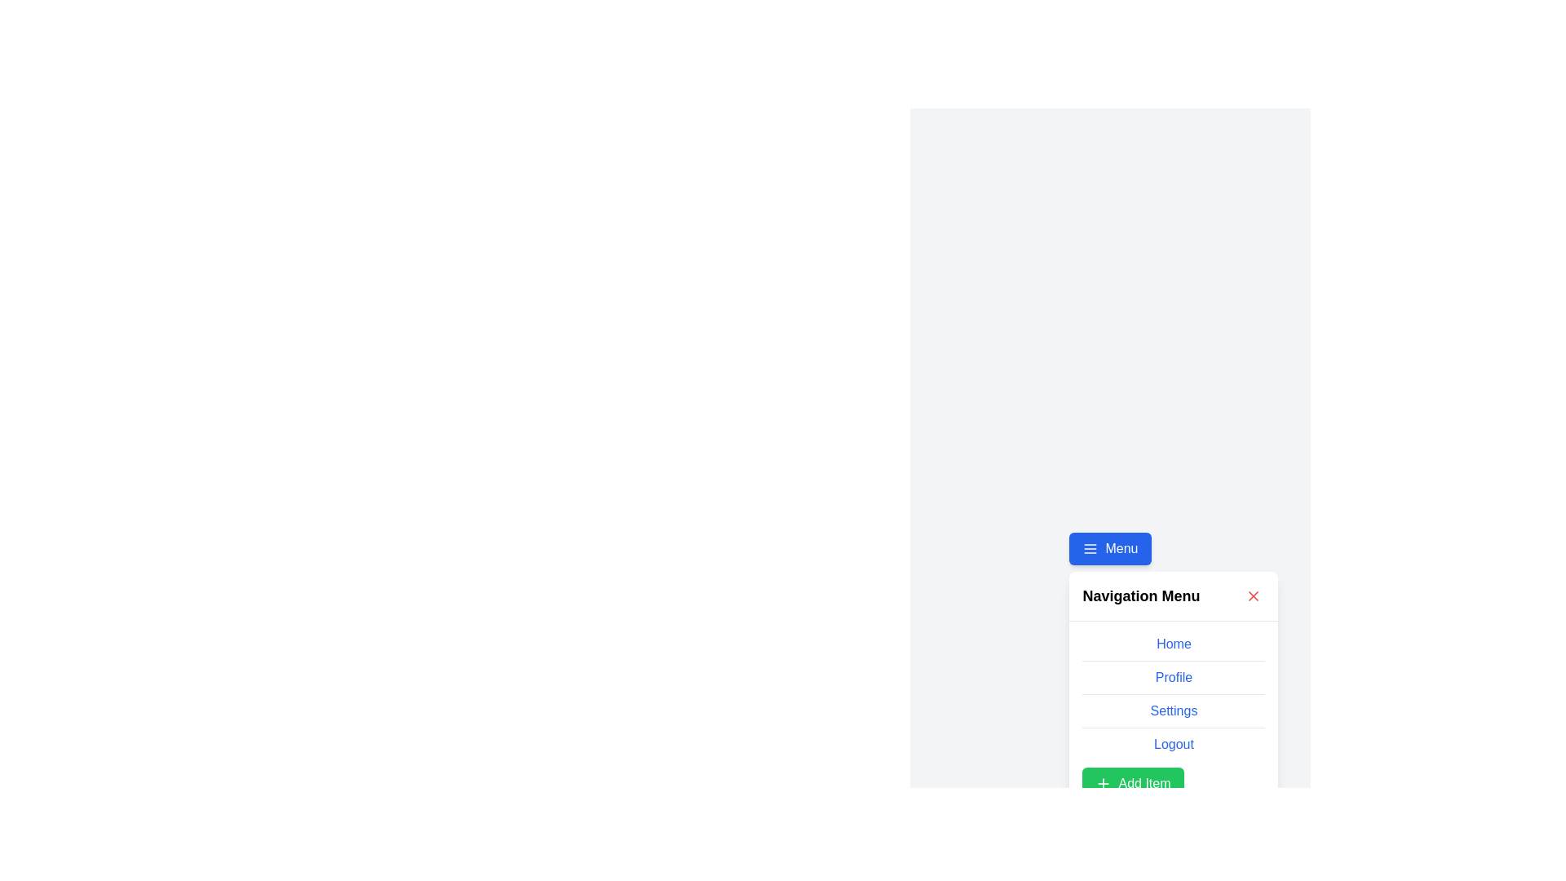 This screenshot has width=1566, height=881. Describe the element at coordinates (1173, 744) in the screenshot. I see `the 'Logout' text link located in the drop-down menu under the 'Navigation Menu' section, which is styled with blue text and an underline on hover` at that location.